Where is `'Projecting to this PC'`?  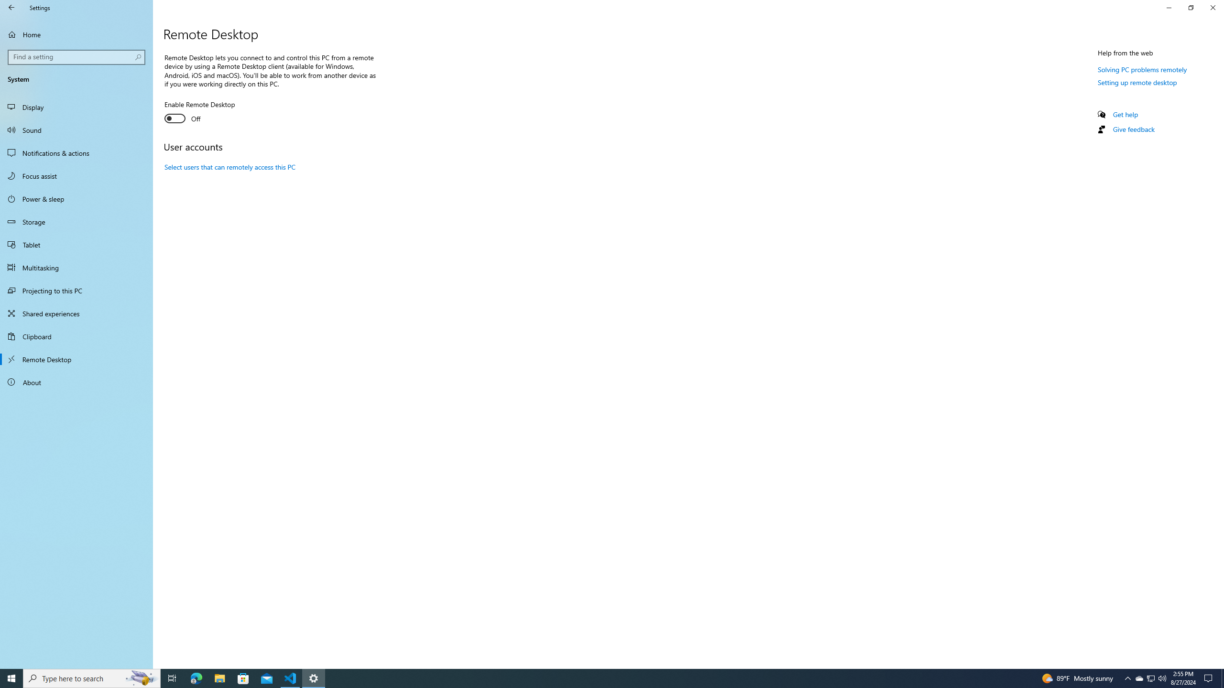 'Projecting to this PC' is located at coordinates (76, 290).